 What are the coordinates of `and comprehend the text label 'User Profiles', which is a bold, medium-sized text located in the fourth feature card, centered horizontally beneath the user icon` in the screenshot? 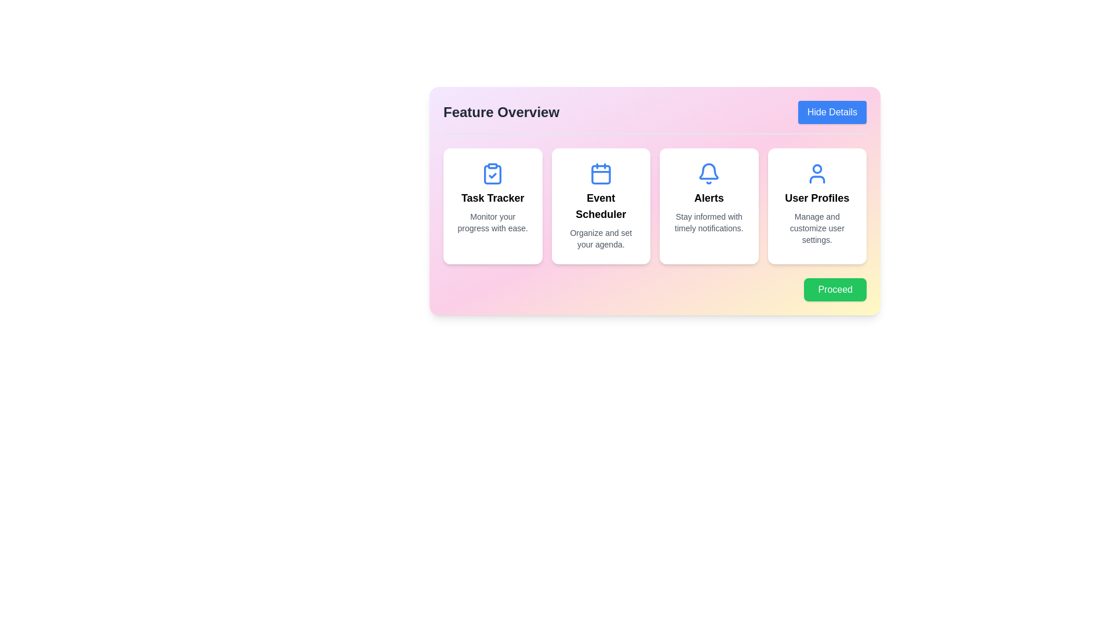 It's located at (816, 198).